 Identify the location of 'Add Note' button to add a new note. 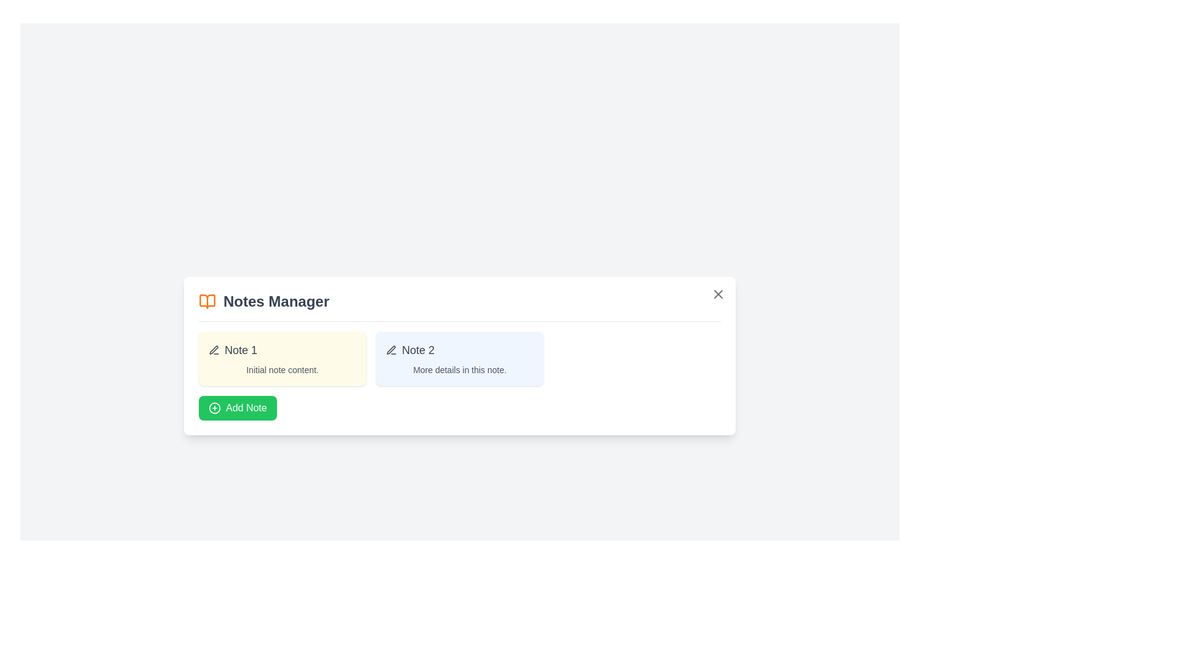
(238, 408).